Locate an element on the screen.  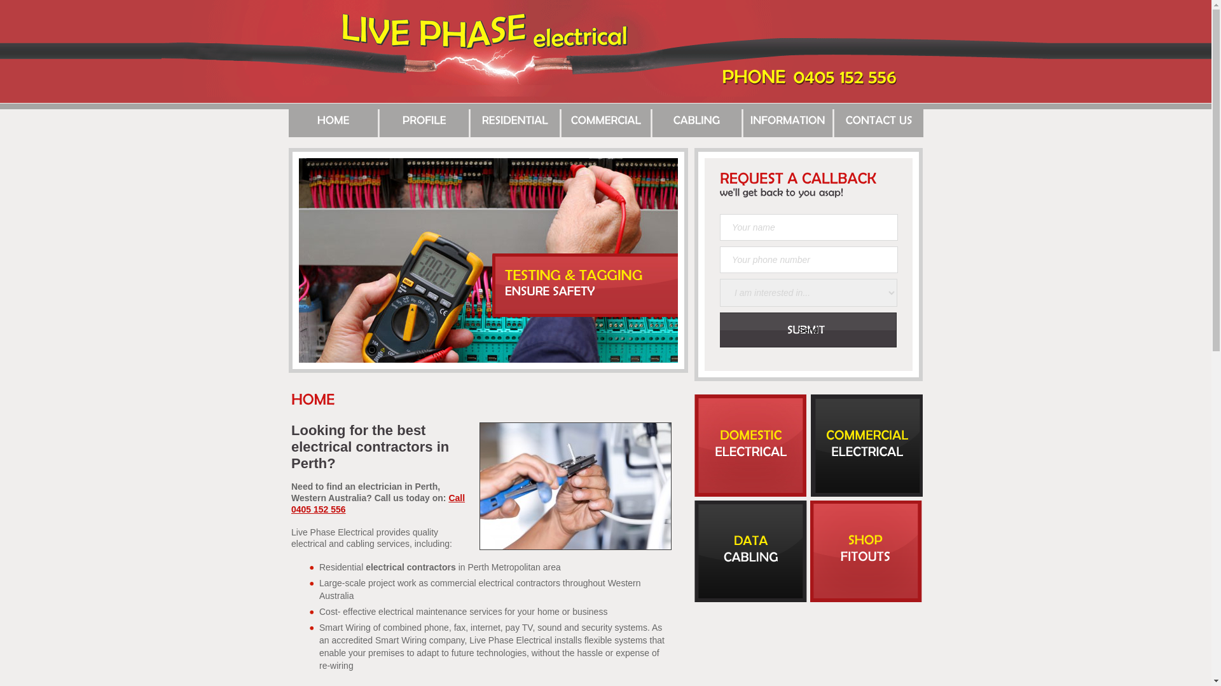
'Call 0405 152 556' is located at coordinates (290, 503).